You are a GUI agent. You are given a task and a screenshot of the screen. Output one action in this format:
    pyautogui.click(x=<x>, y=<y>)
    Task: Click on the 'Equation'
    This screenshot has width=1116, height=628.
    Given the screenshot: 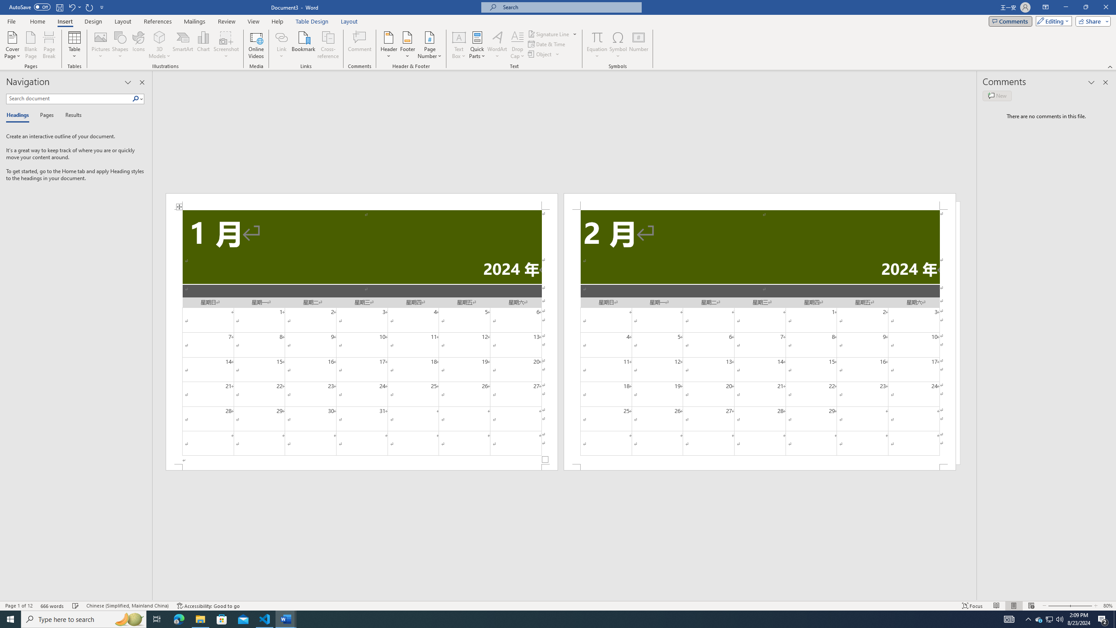 What is the action you would take?
    pyautogui.click(x=597, y=45)
    